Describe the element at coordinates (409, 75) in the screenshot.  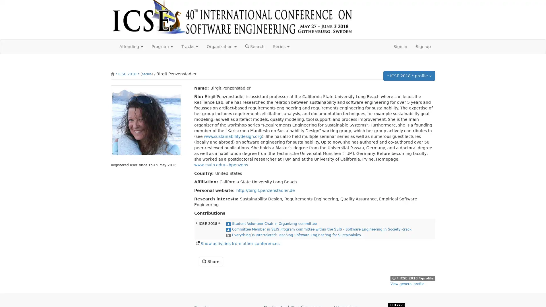
I see `* ICSE 2018 * profile` at that location.